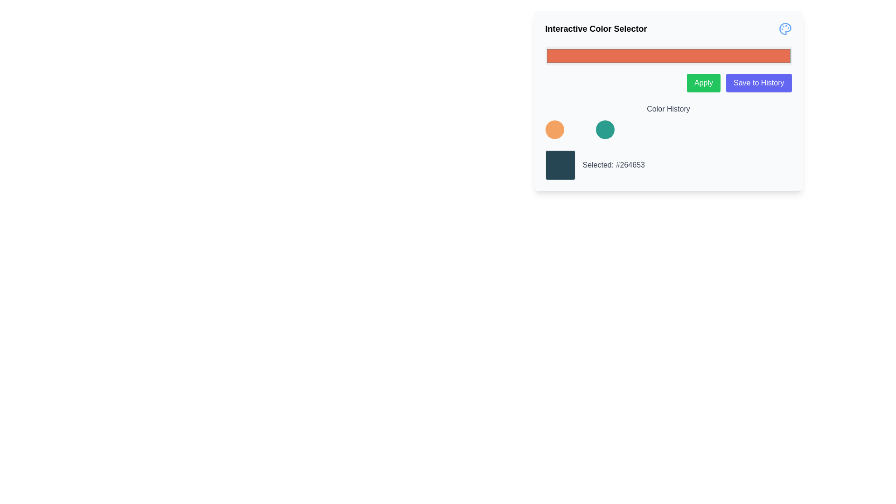 The width and height of the screenshot is (896, 504). Describe the element at coordinates (668, 56) in the screenshot. I see `the reddish-orange color input field` at that location.